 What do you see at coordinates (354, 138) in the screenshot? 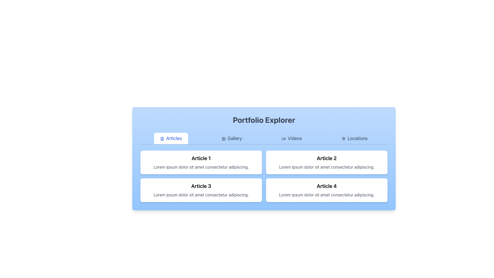
I see `the 'Locations' button in the top-right corner of the navigation bar to change its color from gray to blue` at bounding box center [354, 138].